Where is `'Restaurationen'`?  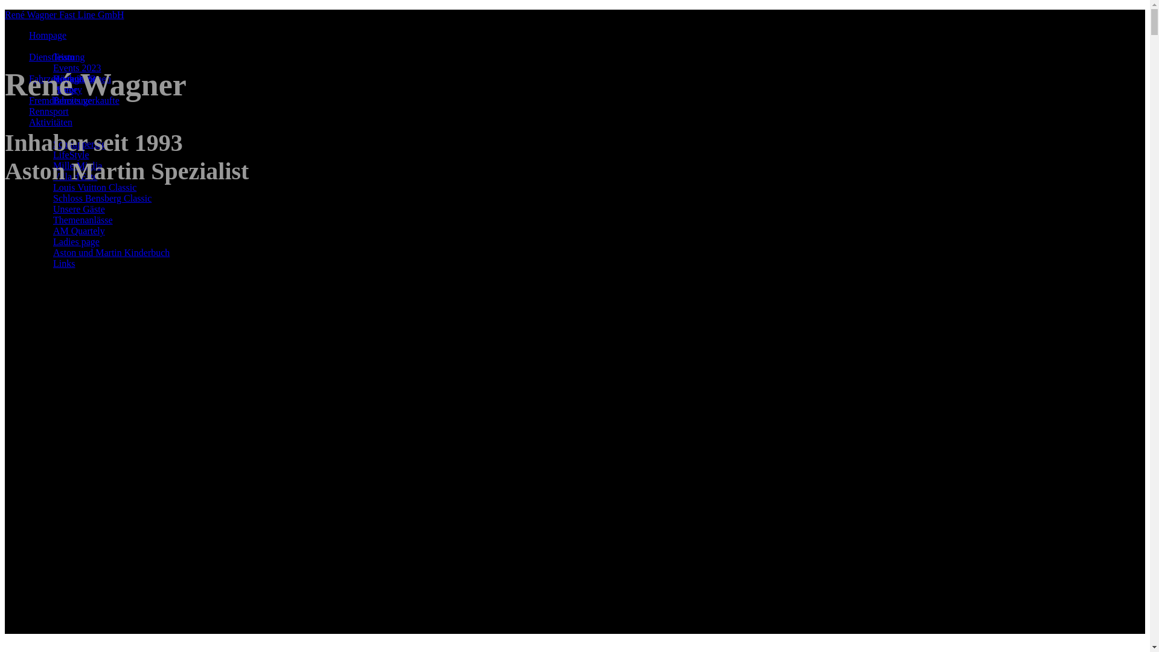
'Restaurationen' is located at coordinates (81, 78).